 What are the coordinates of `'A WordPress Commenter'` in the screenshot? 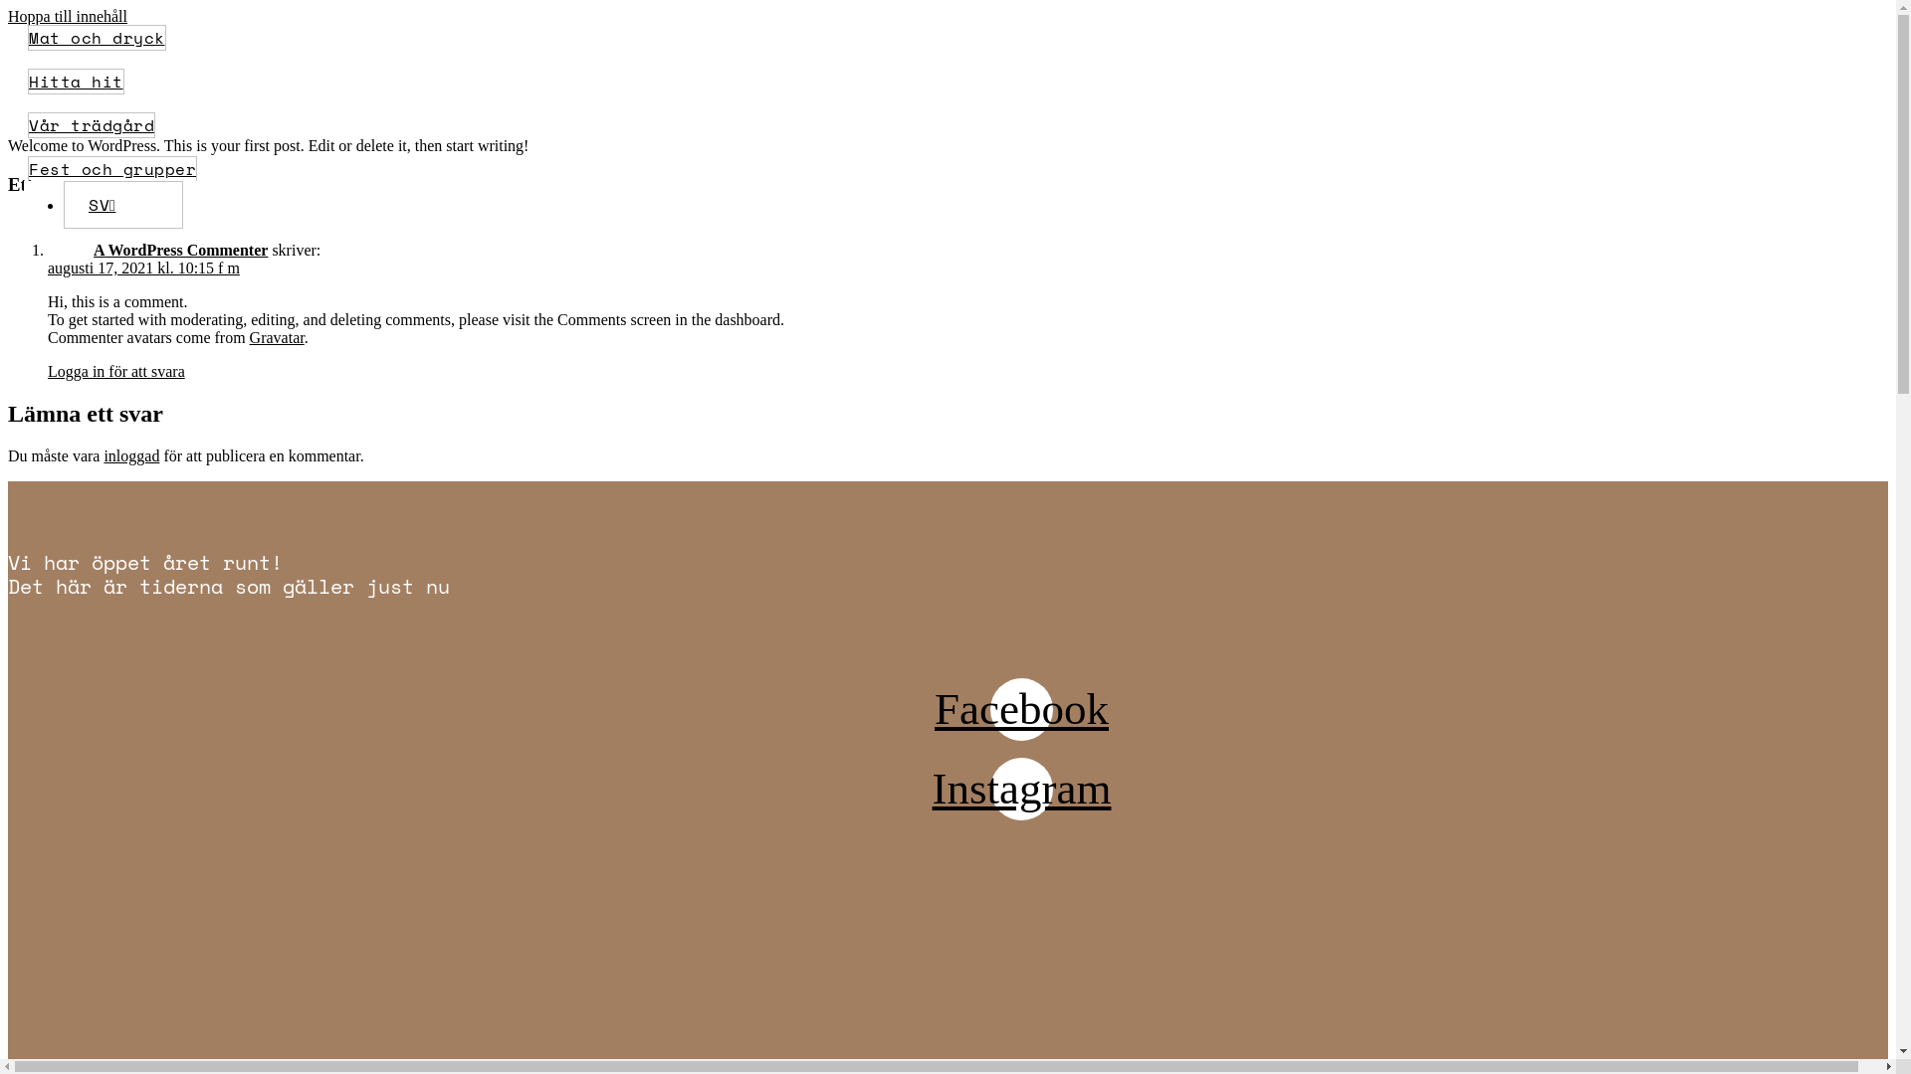 It's located at (180, 249).